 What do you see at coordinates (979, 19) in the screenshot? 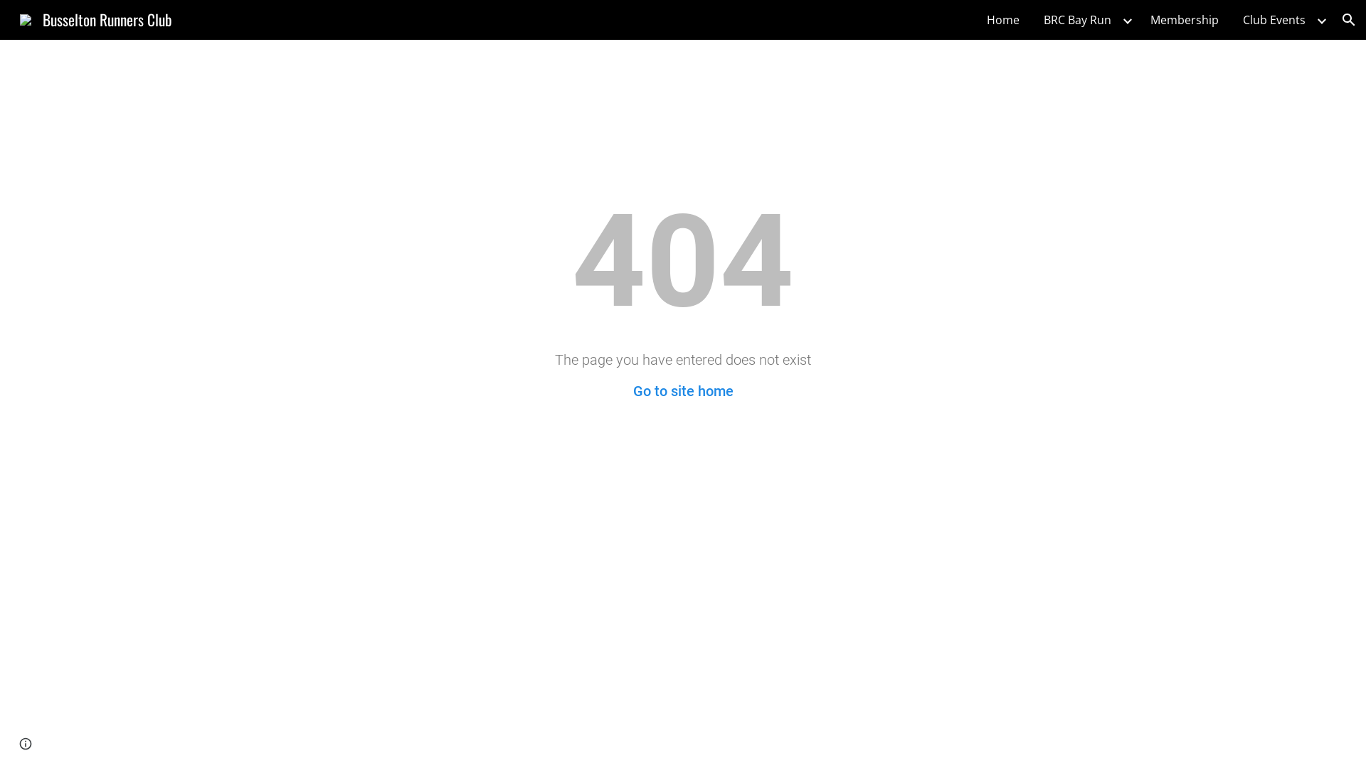
I see `'Home'` at bounding box center [979, 19].